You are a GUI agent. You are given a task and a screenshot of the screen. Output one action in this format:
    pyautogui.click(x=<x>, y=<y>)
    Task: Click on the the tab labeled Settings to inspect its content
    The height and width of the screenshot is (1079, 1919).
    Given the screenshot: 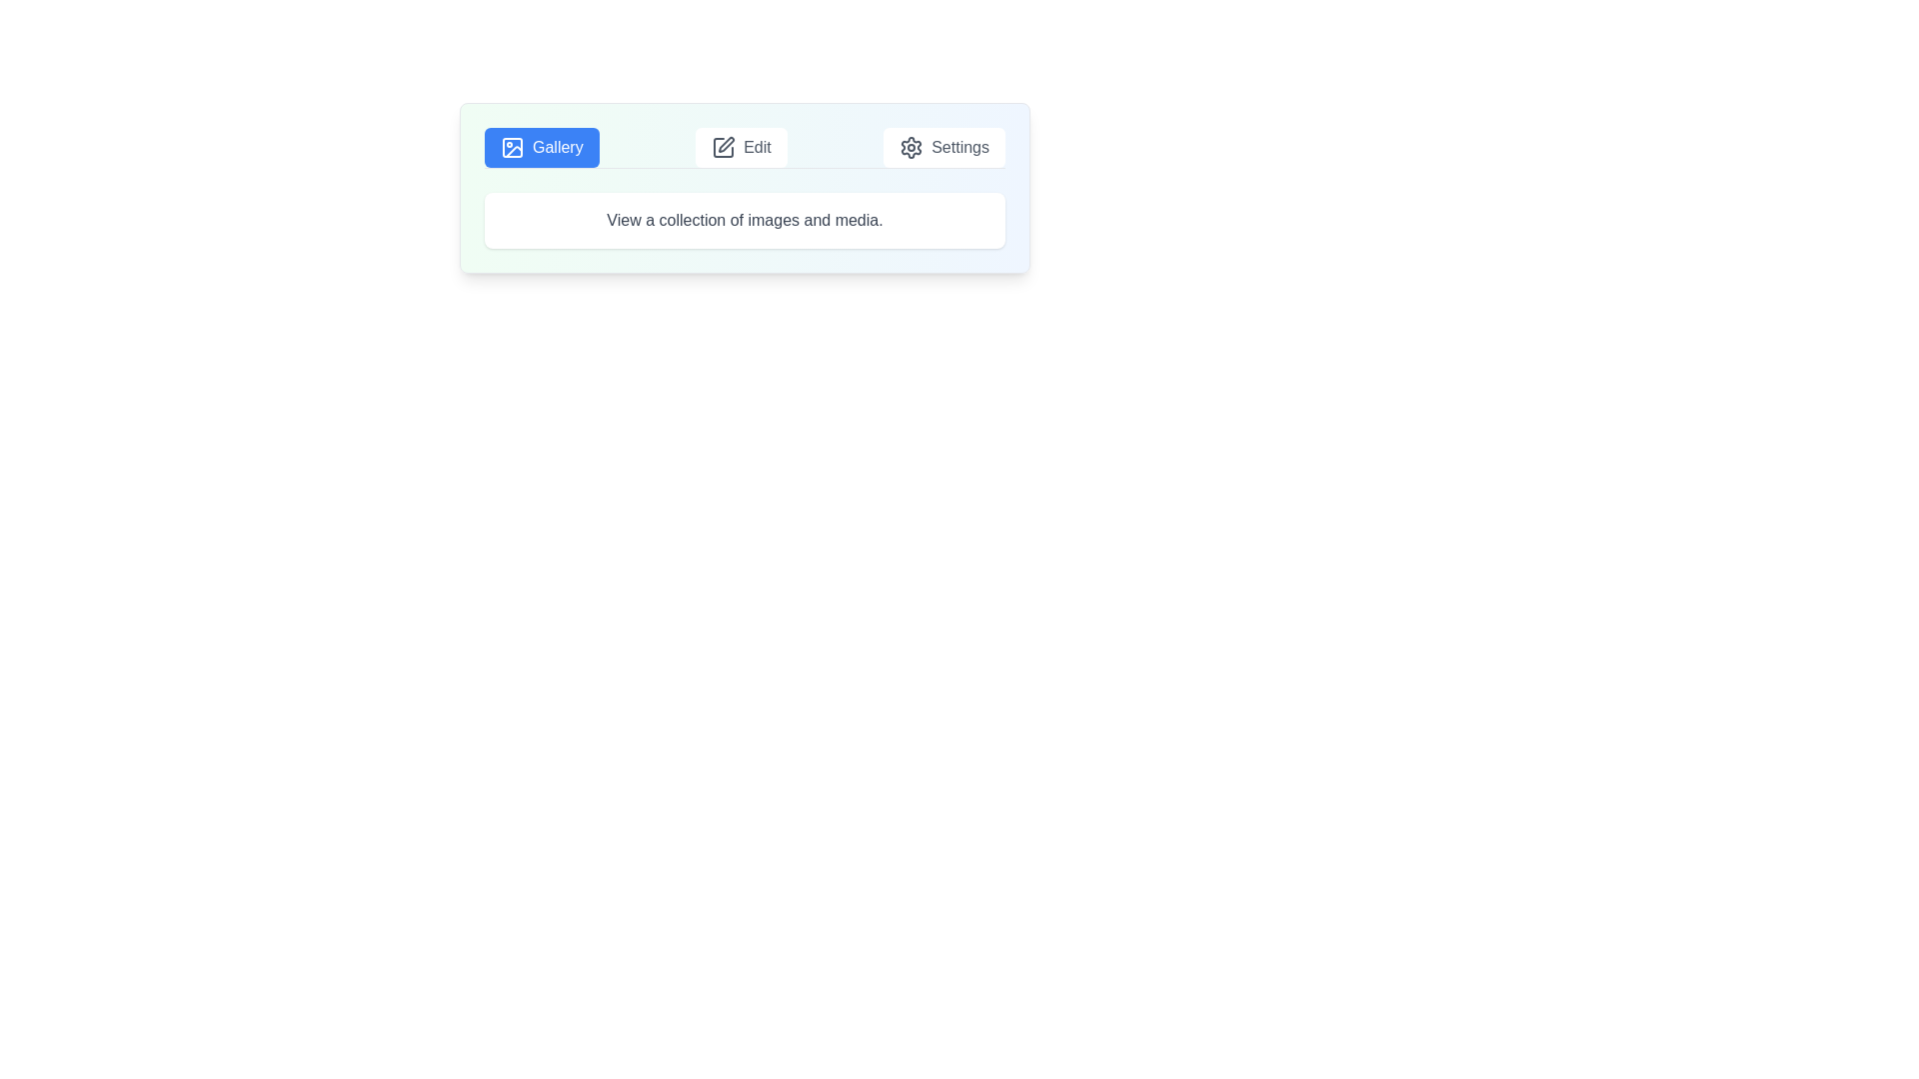 What is the action you would take?
    pyautogui.click(x=944, y=146)
    